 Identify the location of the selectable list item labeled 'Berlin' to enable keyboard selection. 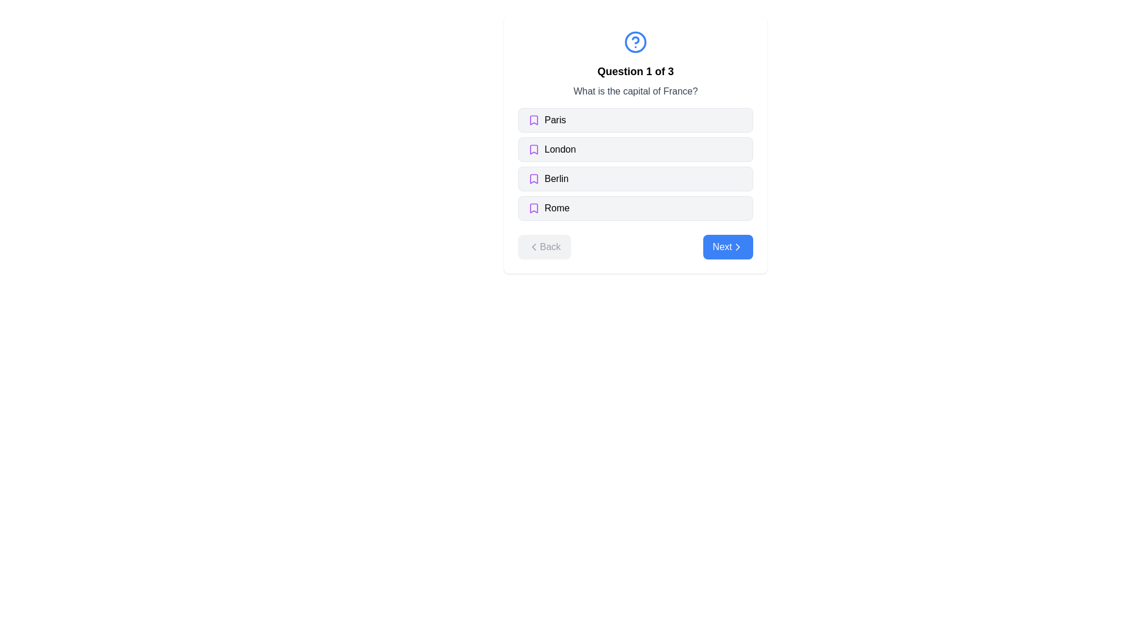
(634, 178).